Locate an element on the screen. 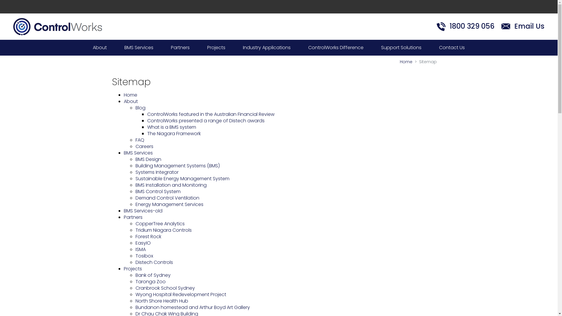 The width and height of the screenshot is (562, 316). 'Home' is located at coordinates (406, 62).